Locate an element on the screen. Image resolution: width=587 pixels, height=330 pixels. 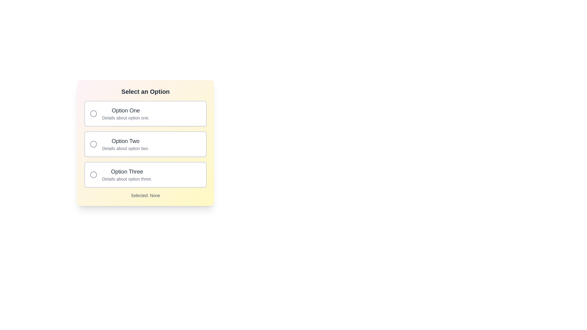
the radio button indicator for the first option, which visually represents the selected state of 'Option One' is located at coordinates (93, 113).